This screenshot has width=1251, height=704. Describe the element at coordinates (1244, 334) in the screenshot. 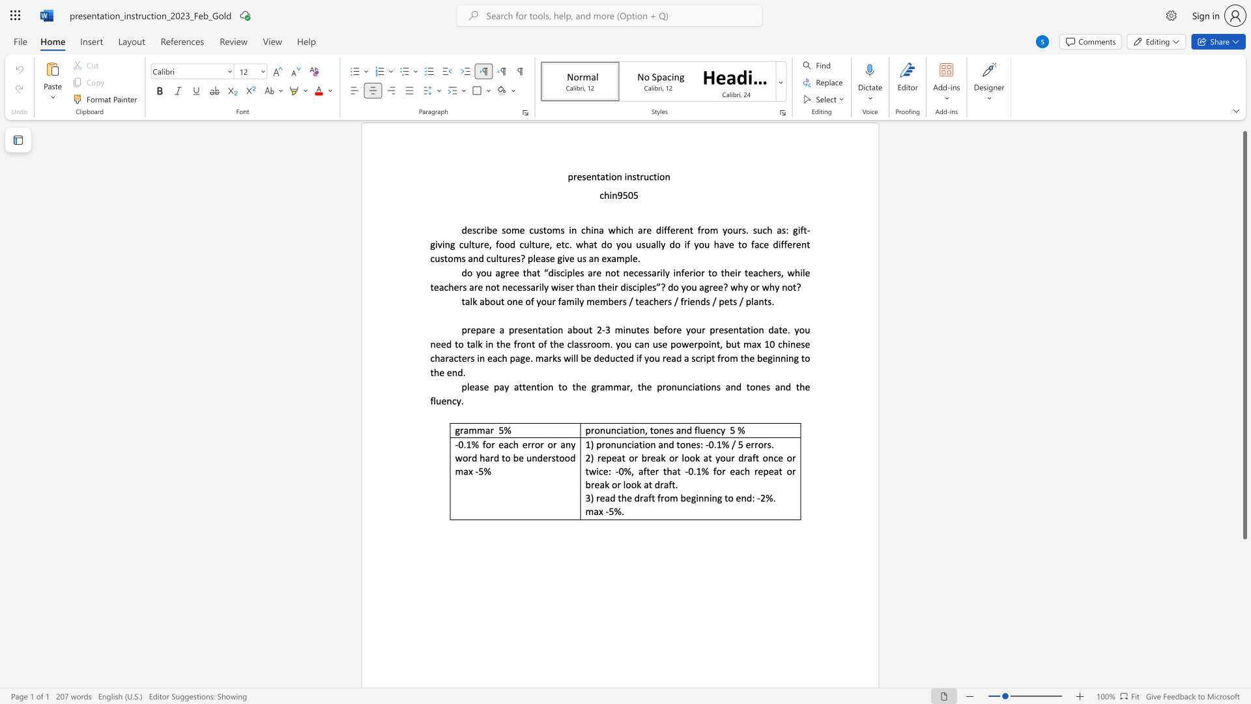

I see `the scrollbar and move down 190 pixels` at that location.